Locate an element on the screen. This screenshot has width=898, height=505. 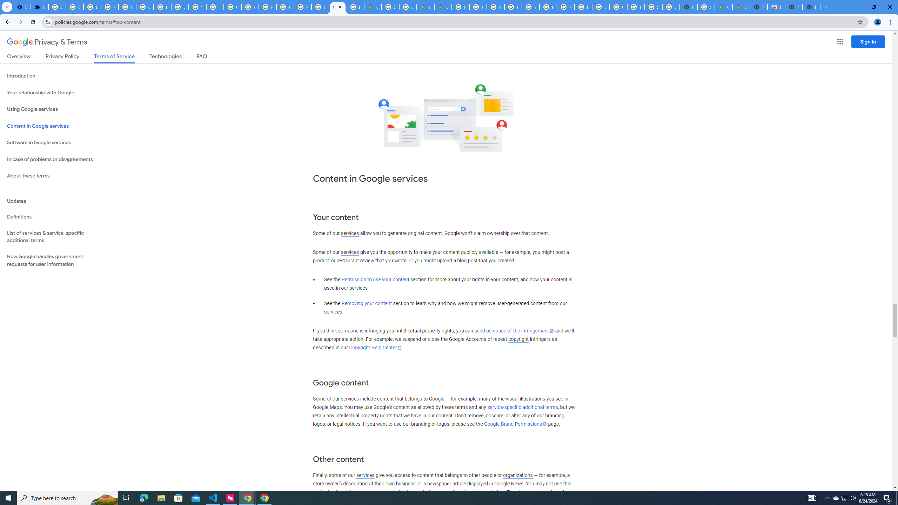
'Privacy & Terms' is located at coordinates (47, 42).